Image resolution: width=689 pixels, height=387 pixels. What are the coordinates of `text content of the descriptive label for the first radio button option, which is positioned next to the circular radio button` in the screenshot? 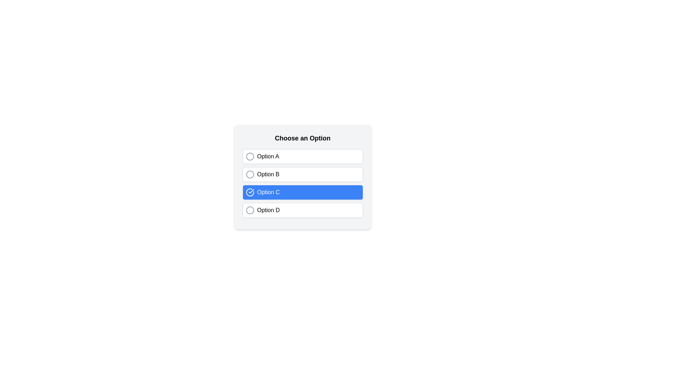 It's located at (268, 156).